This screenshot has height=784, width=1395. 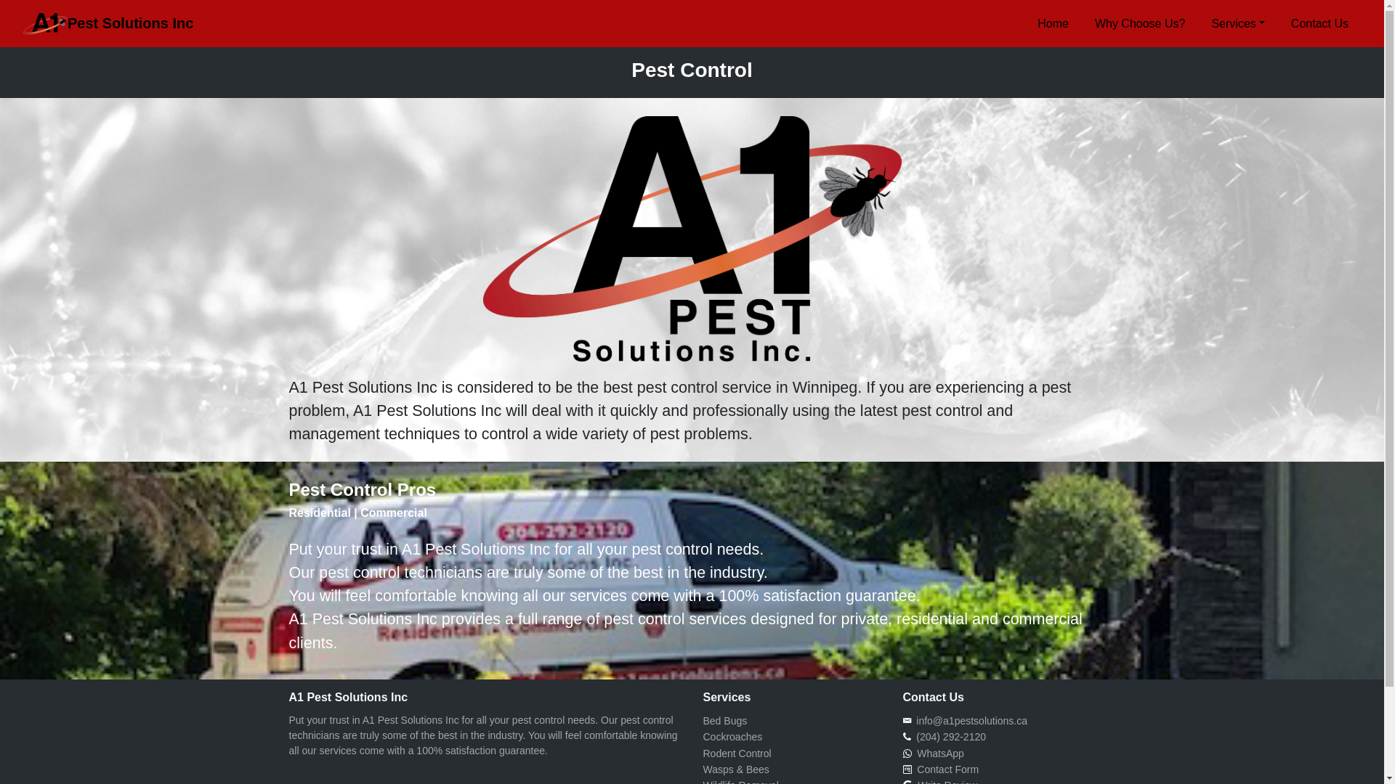 I want to click on 'Pest Solutions Inc', so click(x=107, y=24).